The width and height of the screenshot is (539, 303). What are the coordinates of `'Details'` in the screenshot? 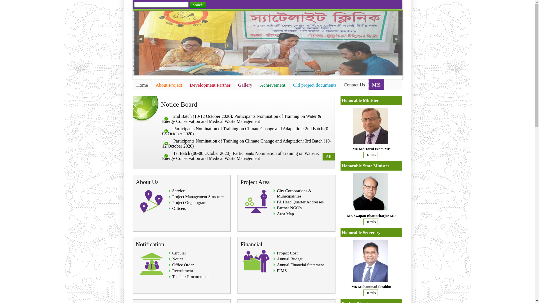 It's located at (371, 292).